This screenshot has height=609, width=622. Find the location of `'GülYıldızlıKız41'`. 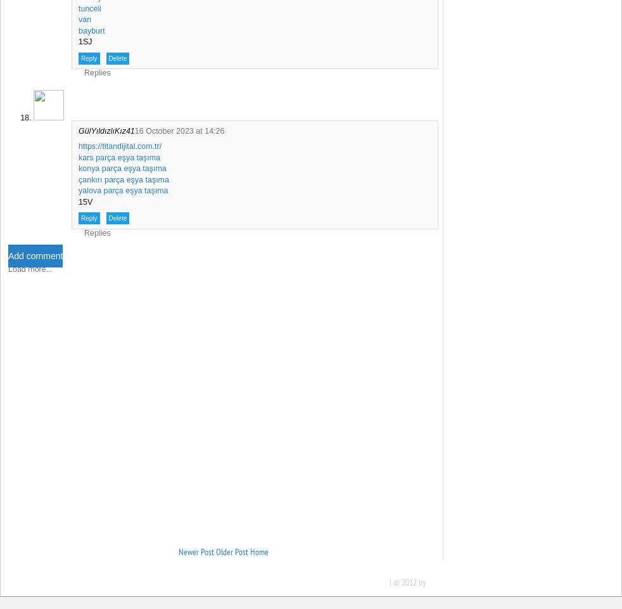

'GülYıldızlıKız41' is located at coordinates (106, 131).